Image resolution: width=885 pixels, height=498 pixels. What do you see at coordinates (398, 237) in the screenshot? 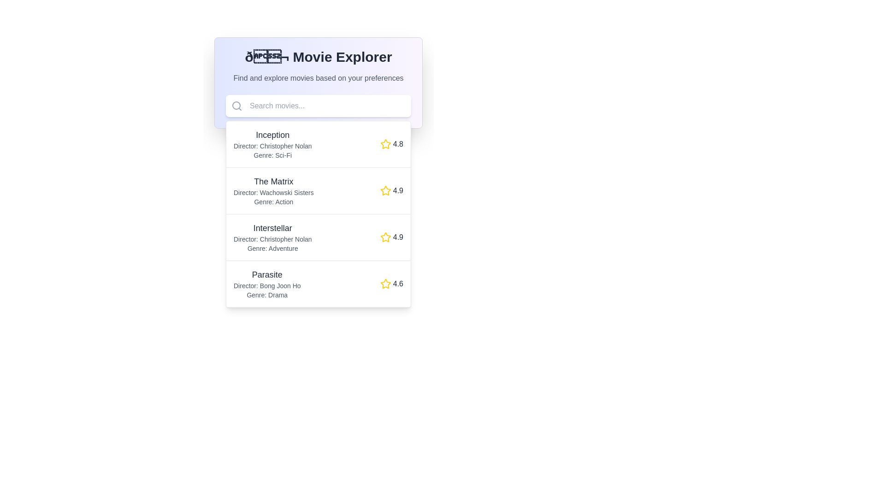
I see `the numeric rating text for the movie 'Interstellar', which is located to the right of the star icon` at bounding box center [398, 237].